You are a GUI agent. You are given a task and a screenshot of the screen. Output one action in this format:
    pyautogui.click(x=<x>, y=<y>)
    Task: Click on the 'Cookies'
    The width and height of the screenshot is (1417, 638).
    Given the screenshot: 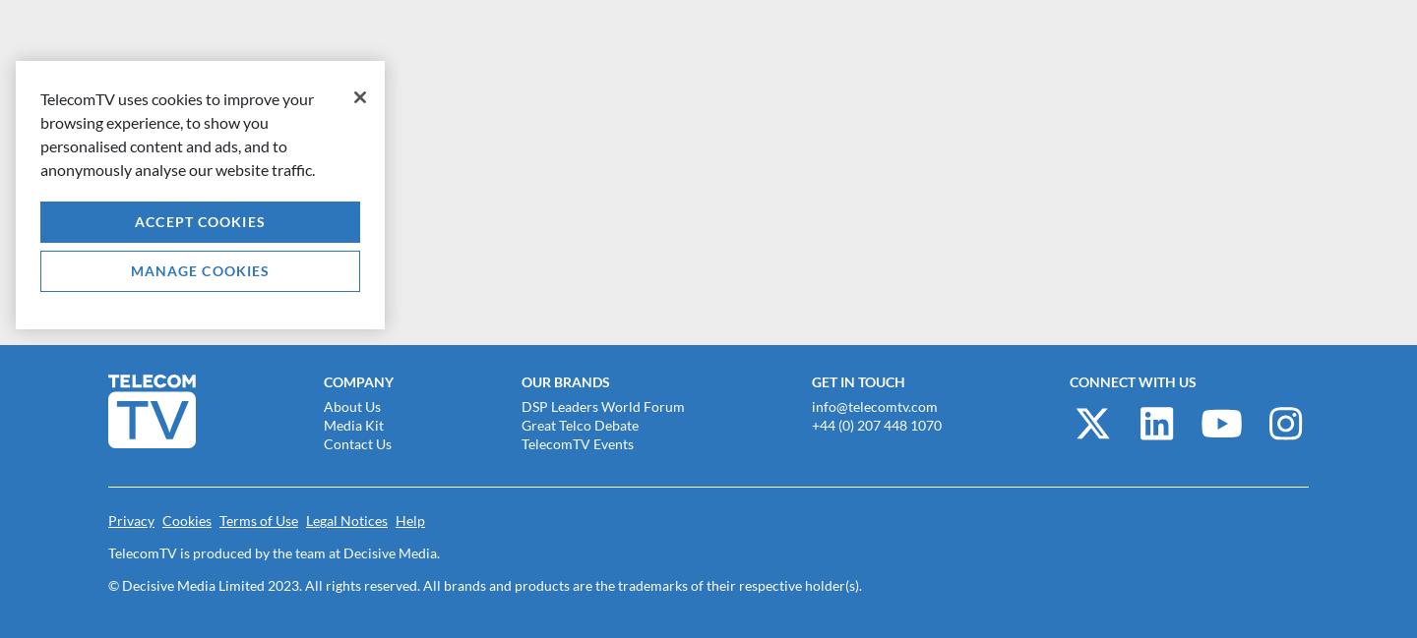 What is the action you would take?
    pyautogui.click(x=161, y=519)
    